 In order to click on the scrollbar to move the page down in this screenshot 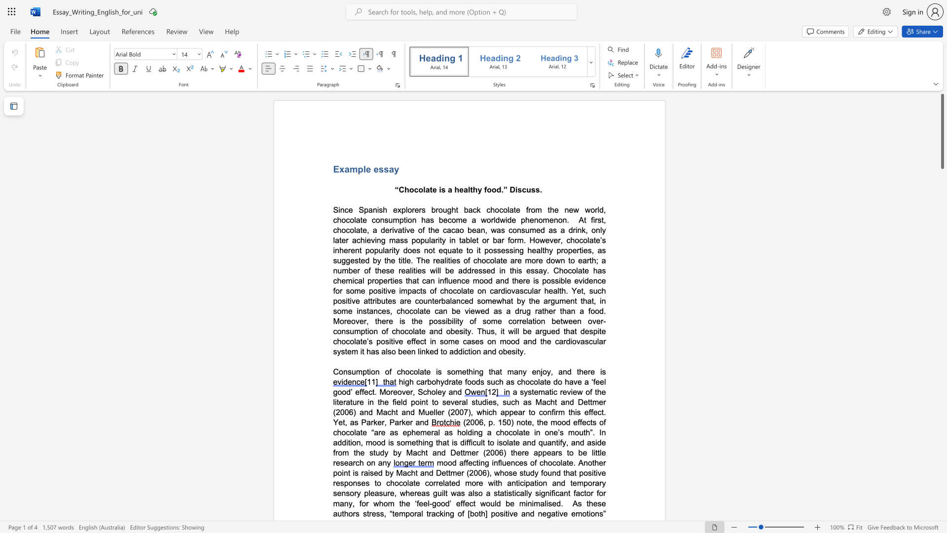, I will do `click(942, 478)`.